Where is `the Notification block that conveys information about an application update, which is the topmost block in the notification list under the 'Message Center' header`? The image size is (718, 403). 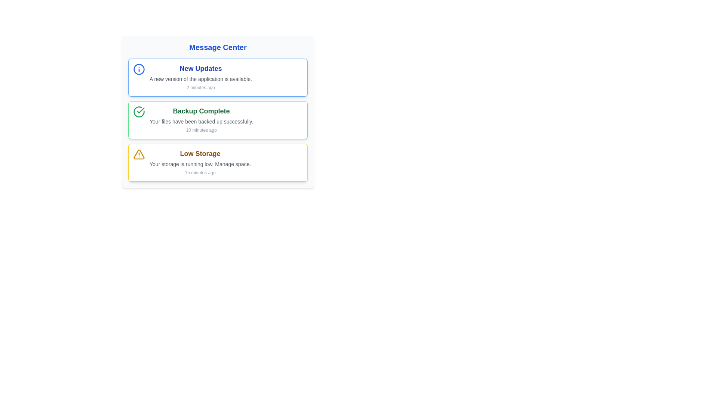 the Notification block that conveys information about an application update, which is the topmost block in the notification list under the 'Message Center' header is located at coordinates (201, 78).